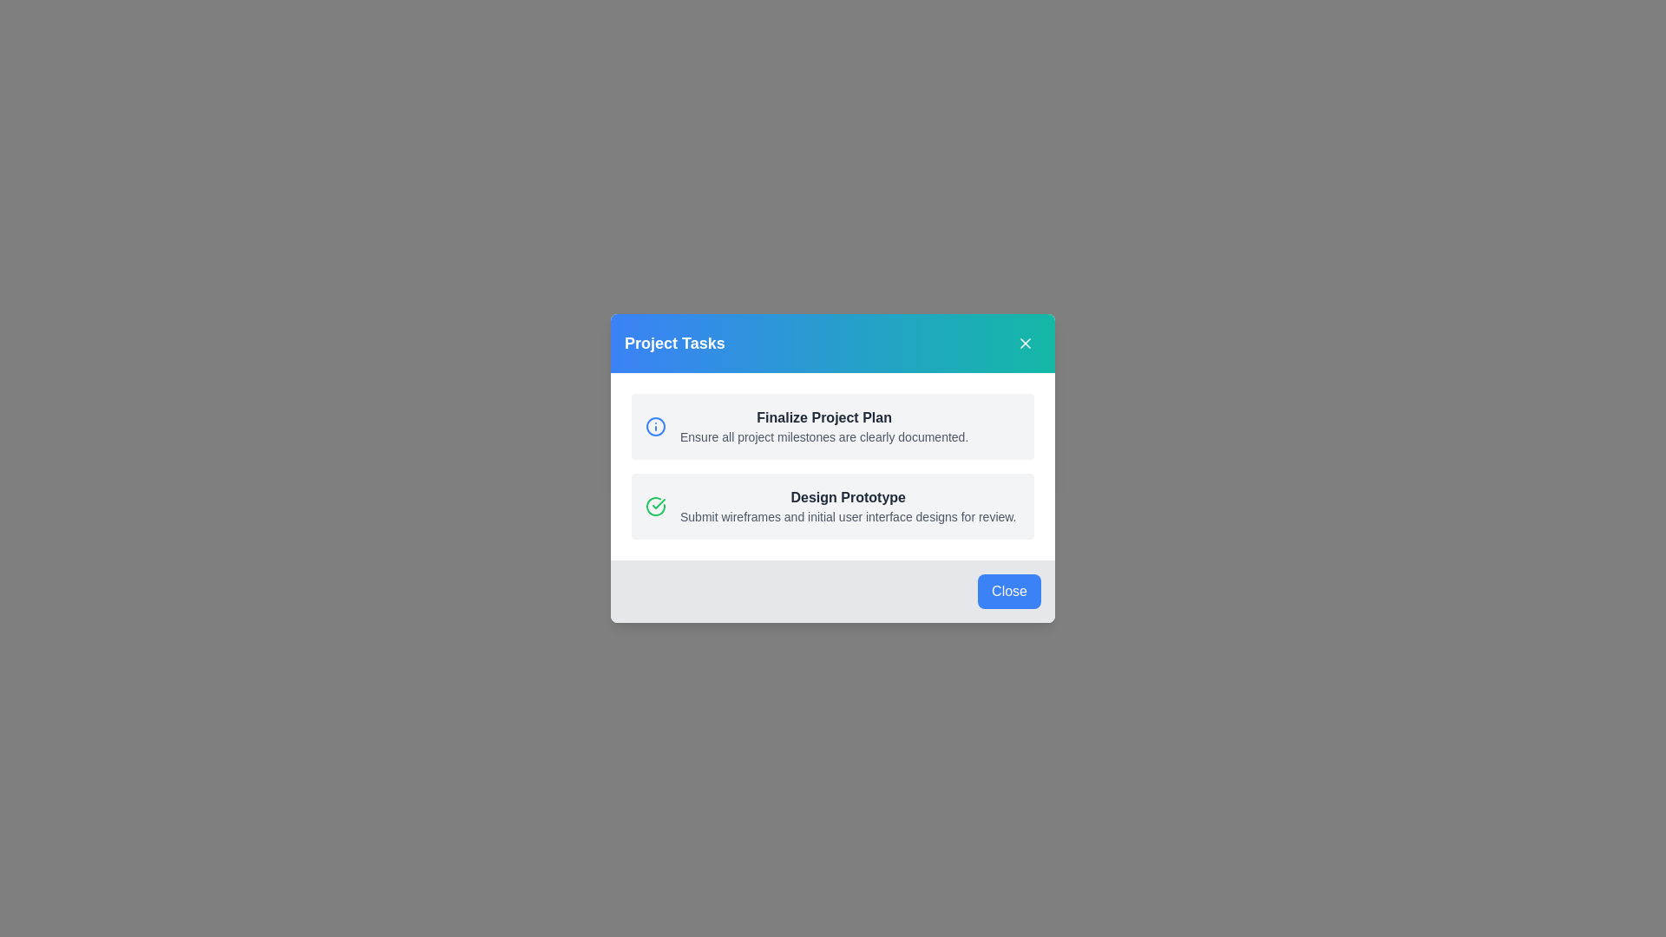 Image resolution: width=1666 pixels, height=937 pixels. Describe the element at coordinates (1009, 591) in the screenshot. I see `the 'Close' button to close the dialog` at that location.